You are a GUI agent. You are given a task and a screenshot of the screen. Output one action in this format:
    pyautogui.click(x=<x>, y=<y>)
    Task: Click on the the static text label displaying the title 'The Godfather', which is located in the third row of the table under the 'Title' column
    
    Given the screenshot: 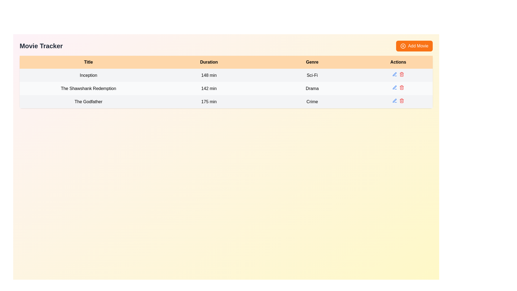 What is the action you would take?
    pyautogui.click(x=88, y=102)
    